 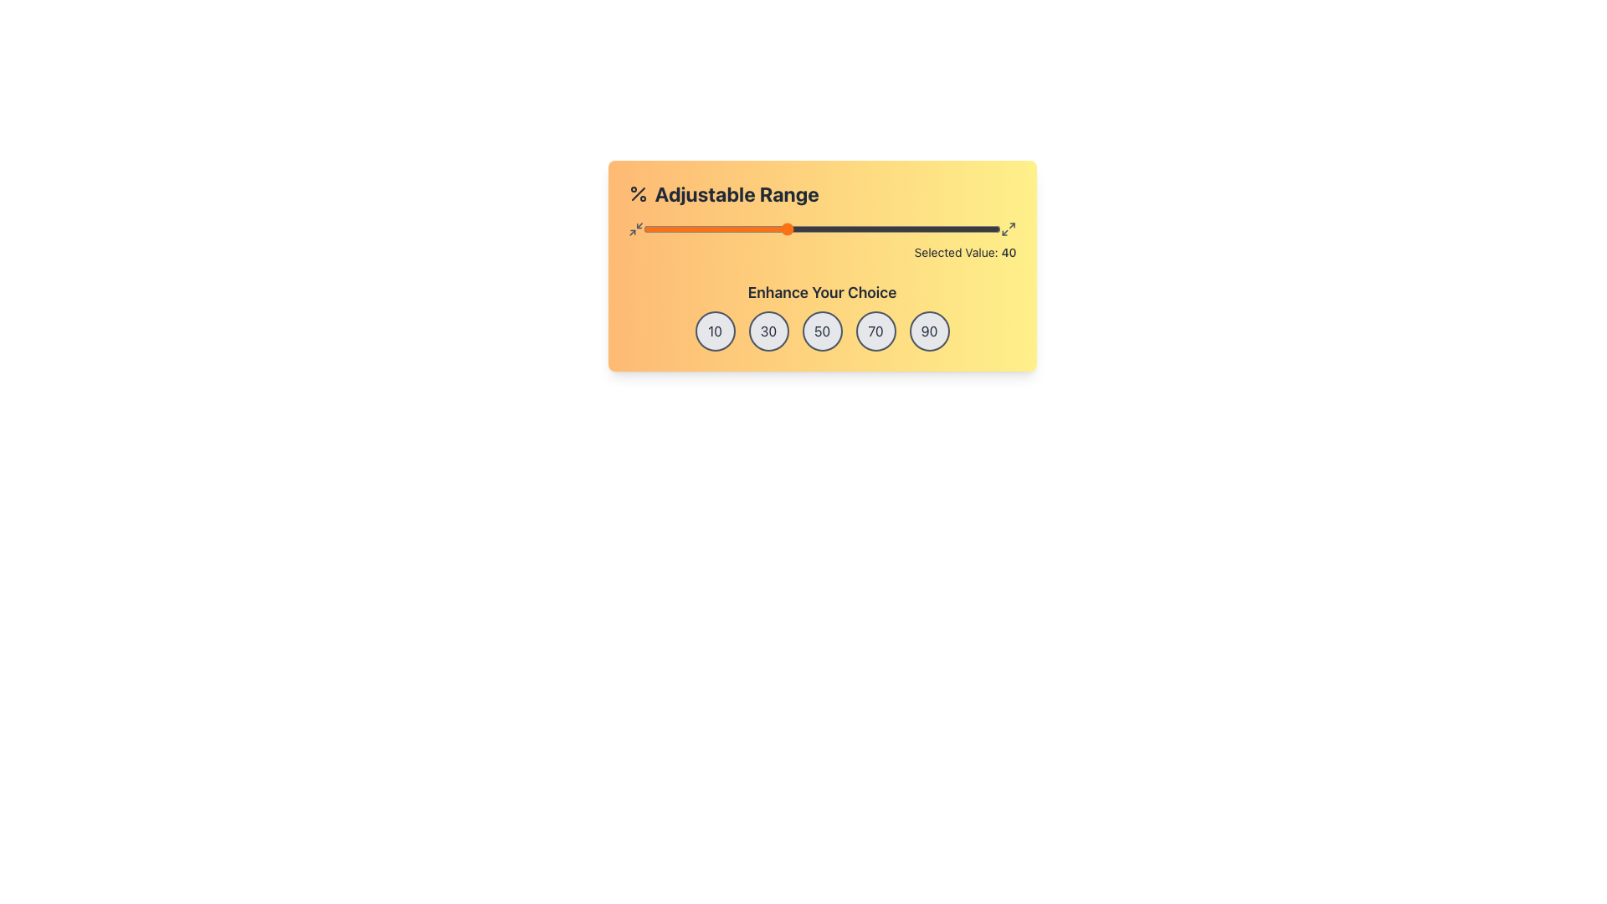 What do you see at coordinates (911, 229) in the screenshot?
I see `the percentage` at bounding box center [911, 229].